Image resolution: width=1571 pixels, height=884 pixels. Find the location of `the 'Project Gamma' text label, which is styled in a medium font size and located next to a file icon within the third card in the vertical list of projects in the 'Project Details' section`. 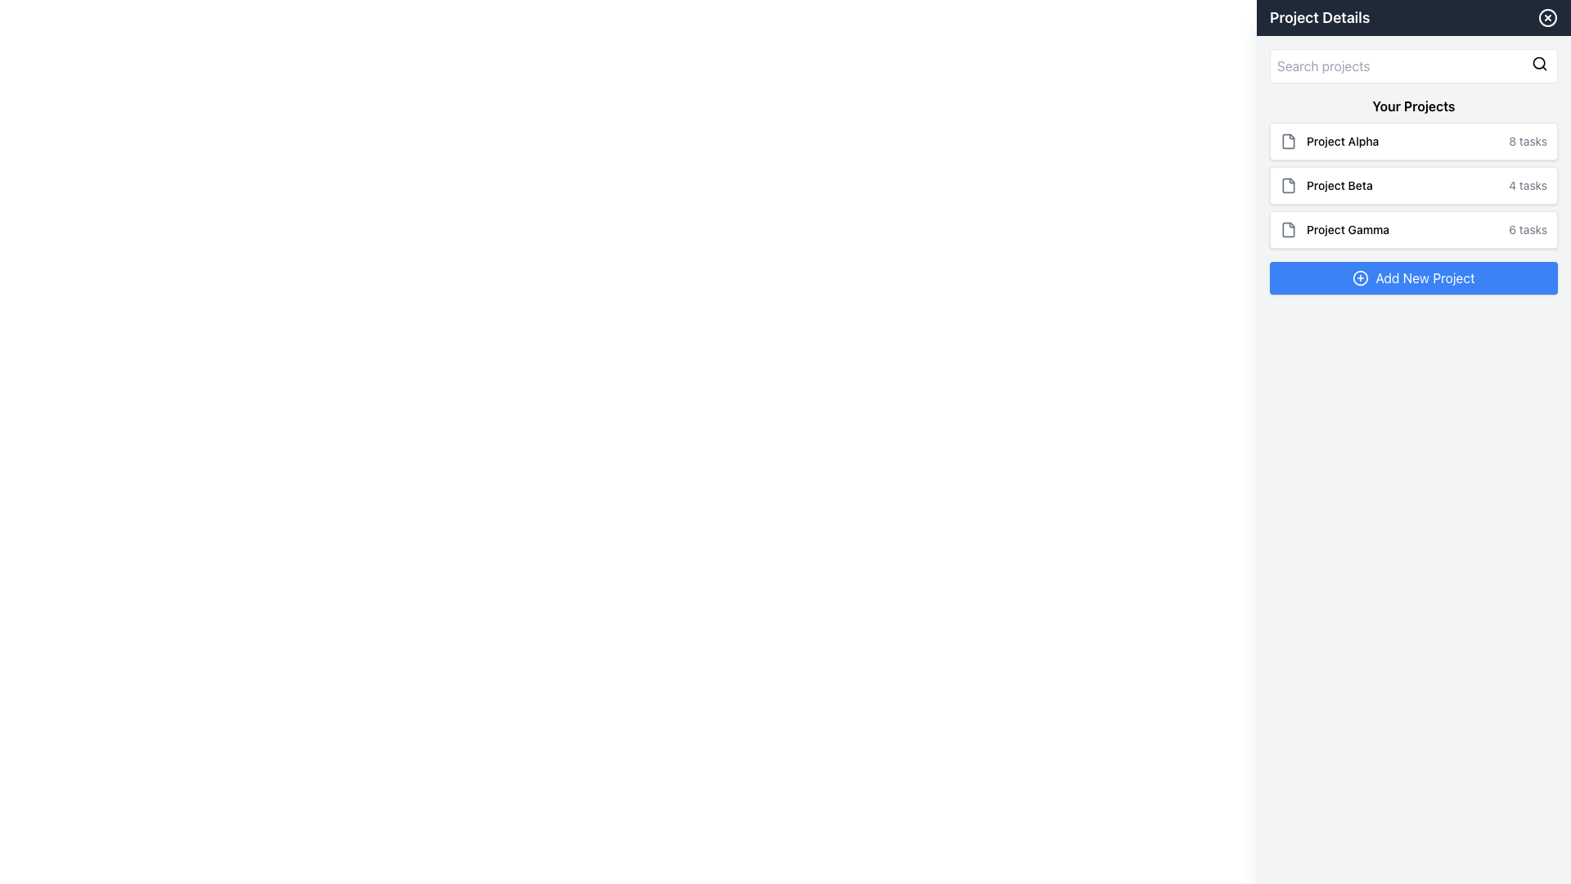

the 'Project Gamma' text label, which is styled in a medium font size and located next to a file icon within the third card in the vertical list of projects in the 'Project Details' section is located at coordinates (1335, 230).